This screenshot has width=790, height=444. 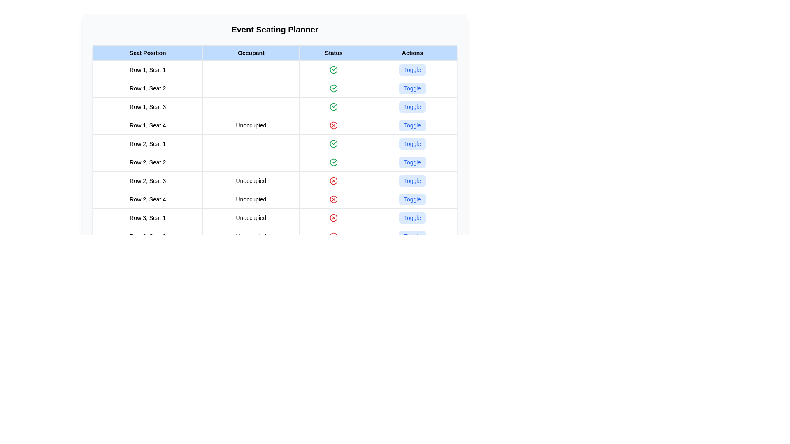 What do you see at coordinates (334, 143) in the screenshot?
I see `the green circular checkmark icon located in the 'Status' column of the table in the row for 'Row 1, Seat 4.'` at bounding box center [334, 143].